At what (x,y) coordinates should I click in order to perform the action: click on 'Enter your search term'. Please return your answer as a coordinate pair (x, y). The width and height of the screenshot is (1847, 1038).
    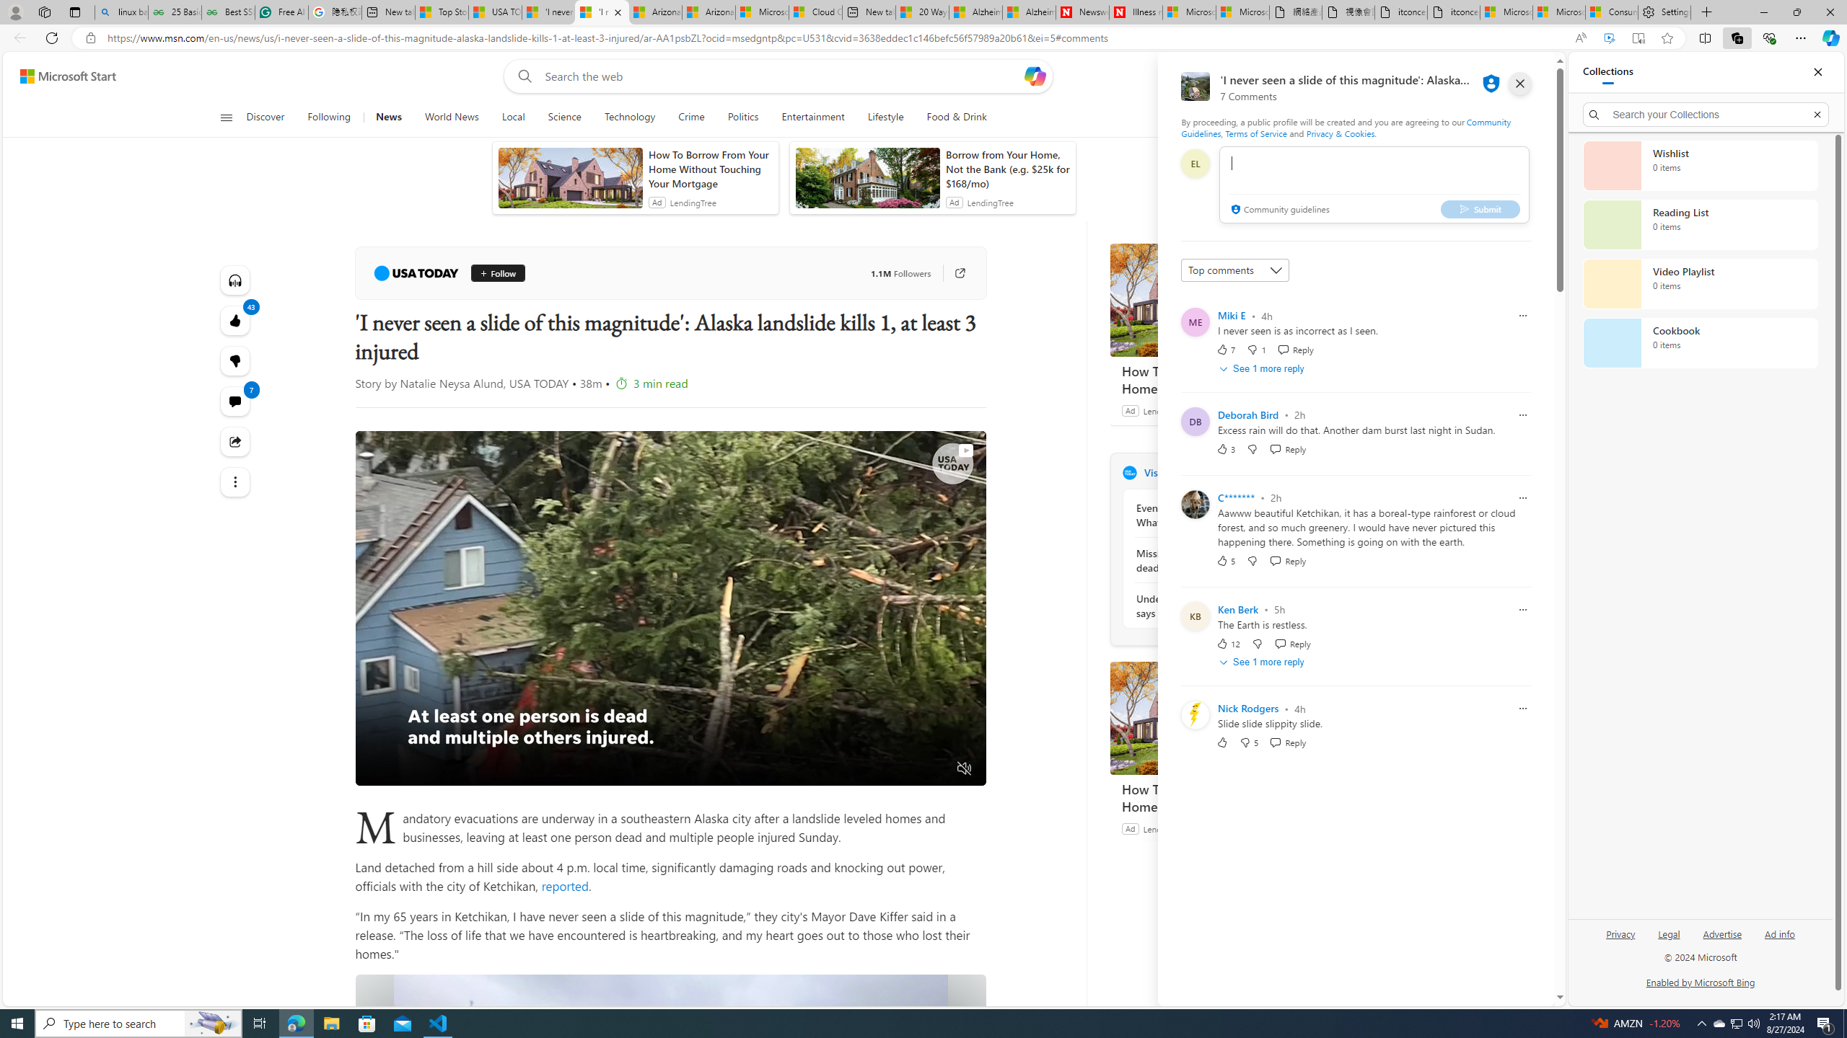
    Looking at the image, I should click on (782, 75).